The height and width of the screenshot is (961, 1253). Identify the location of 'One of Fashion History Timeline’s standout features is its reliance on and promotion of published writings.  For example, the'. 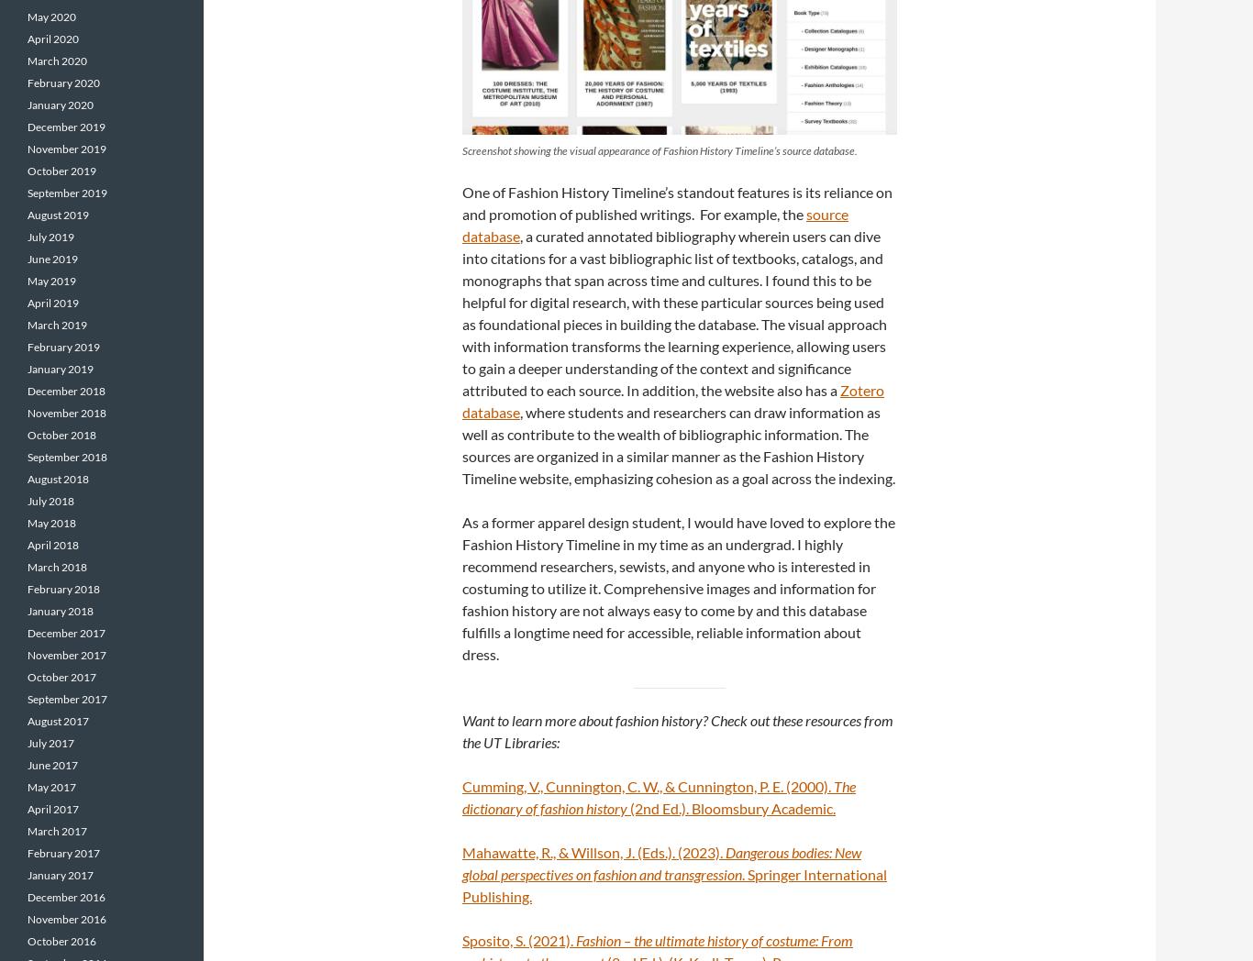
(677, 202).